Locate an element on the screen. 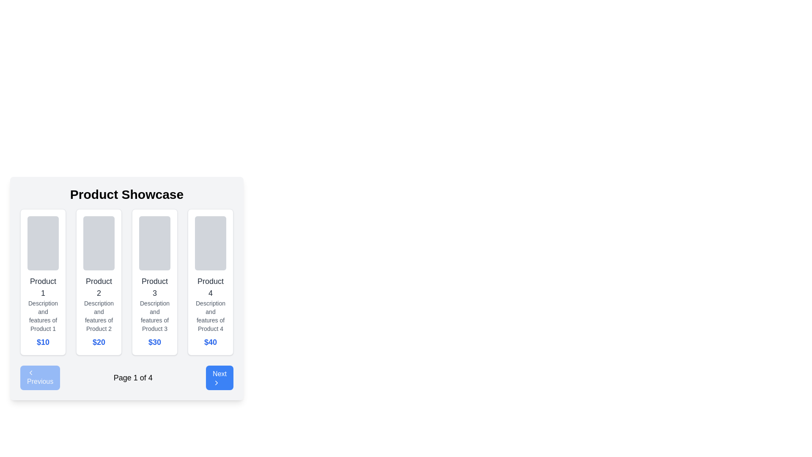 The height and width of the screenshot is (457, 812). the arrow-shaped vector graphic pointing to the right, which is part of the 'Next' button in the bottom-right corner of the interface is located at coordinates (217, 383).